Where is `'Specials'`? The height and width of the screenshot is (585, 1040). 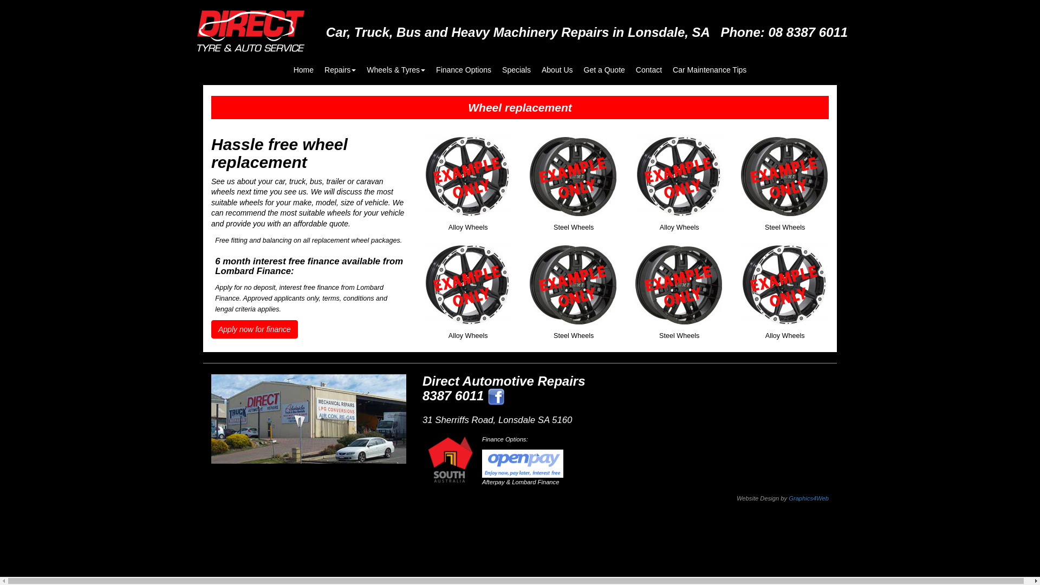 'Specials' is located at coordinates (516, 64).